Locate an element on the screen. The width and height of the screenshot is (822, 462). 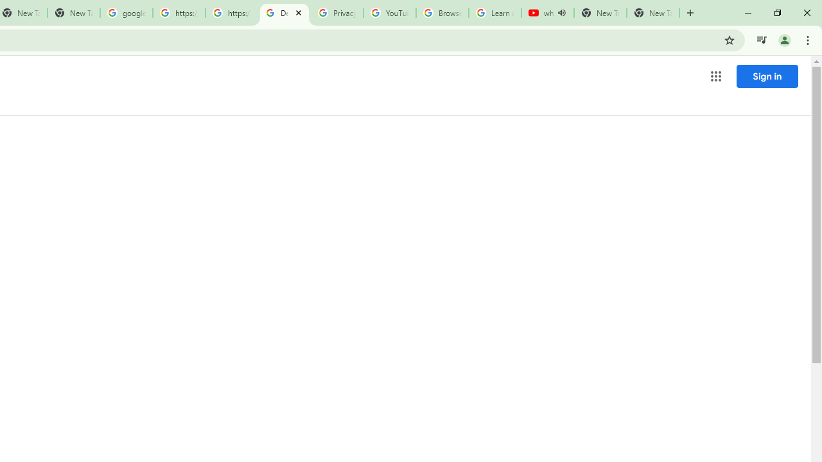
'https://scholar.google.com/' is located at coordinates (231, 13).